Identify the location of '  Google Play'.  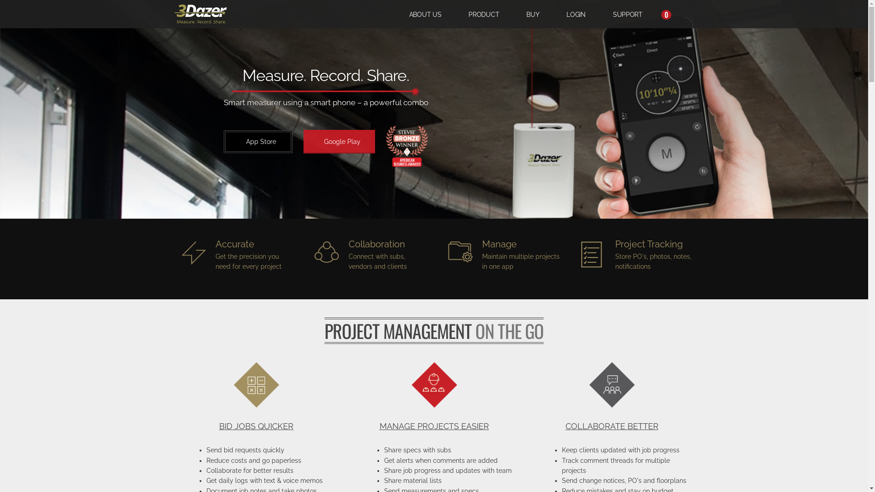
(339, 142).